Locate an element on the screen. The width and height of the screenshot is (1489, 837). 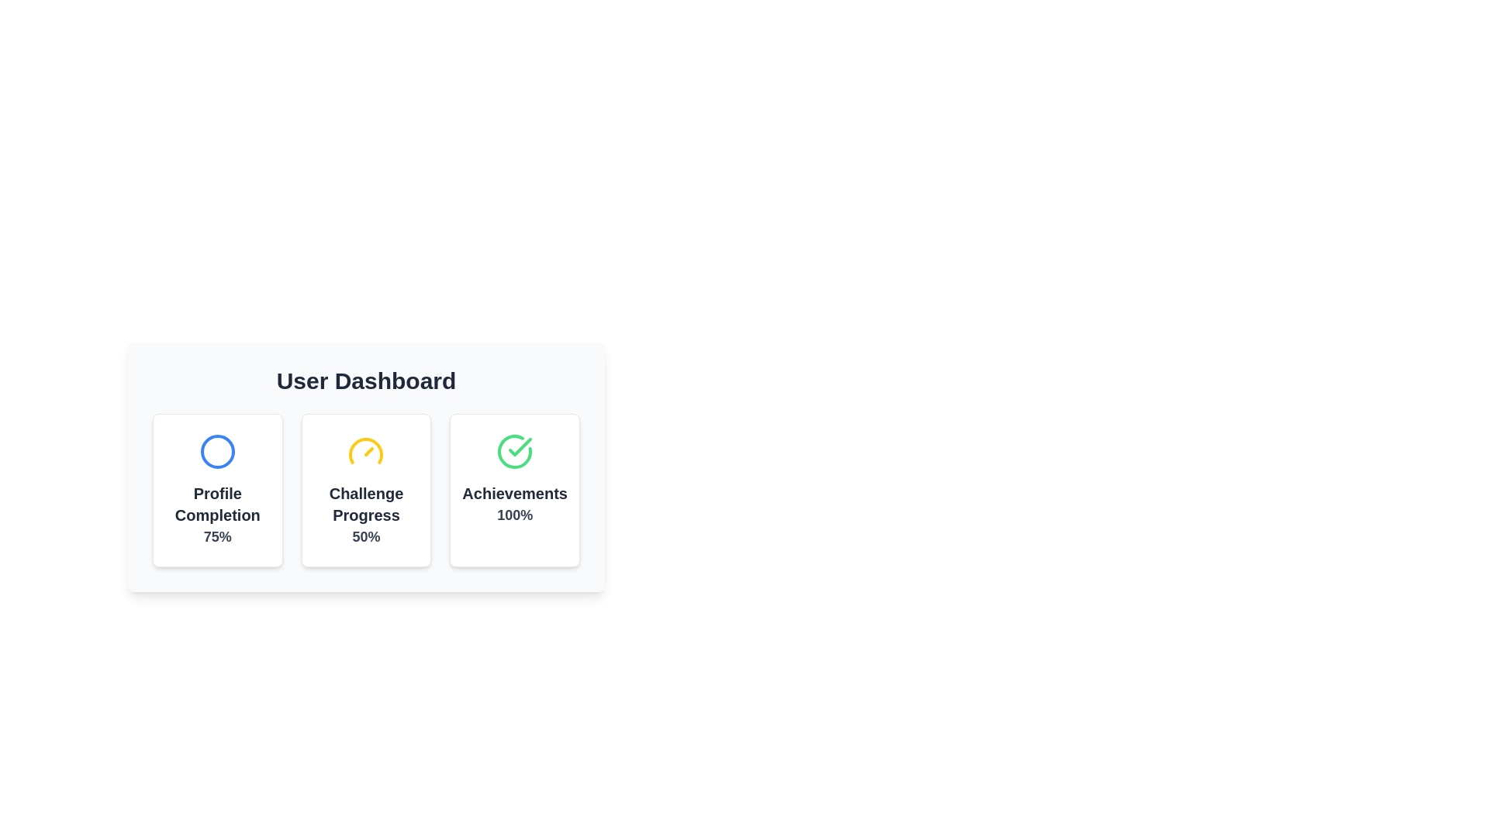
the '50%' progress percentage text located centrally below the 'Challenge Progress' heading within the 'Challenge Progress' card on the user dashboard is located at coordinates (365, 536).